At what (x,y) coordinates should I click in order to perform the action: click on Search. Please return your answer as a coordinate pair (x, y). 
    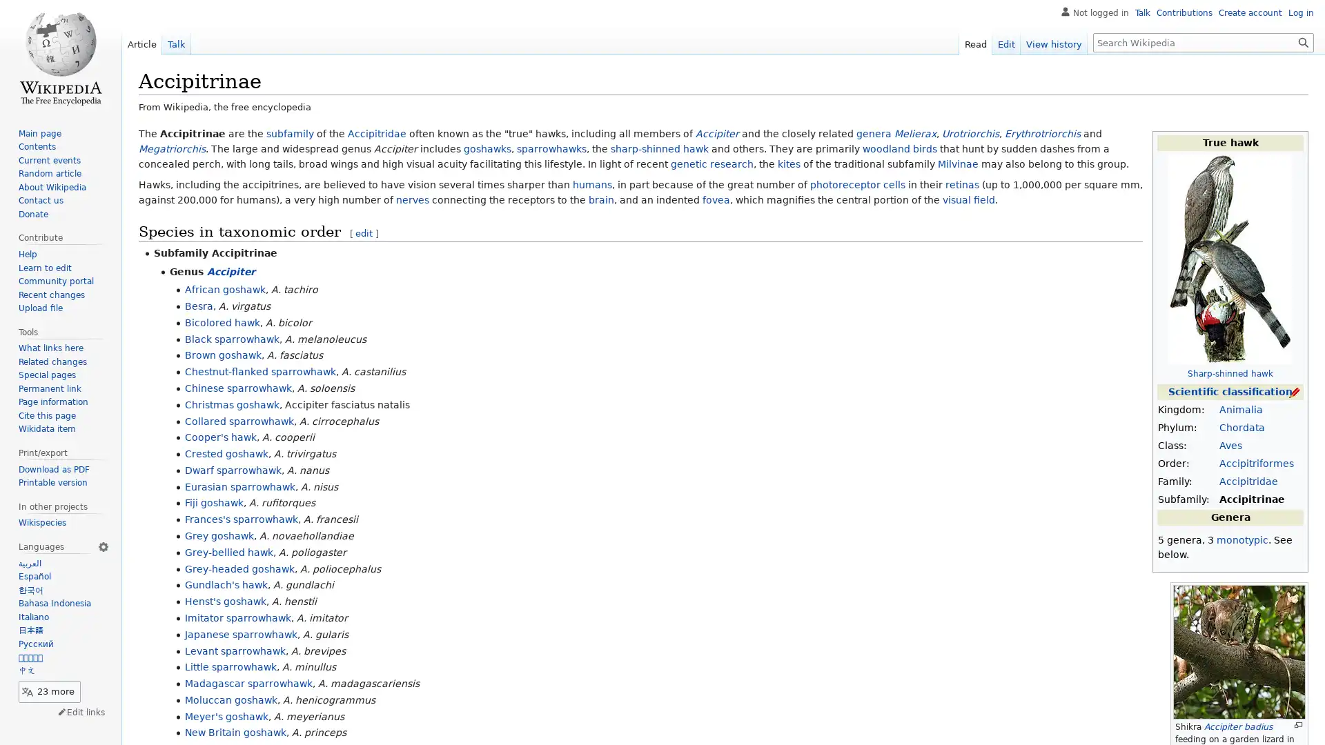
    Looking at the image, I should click on (1303, 41).